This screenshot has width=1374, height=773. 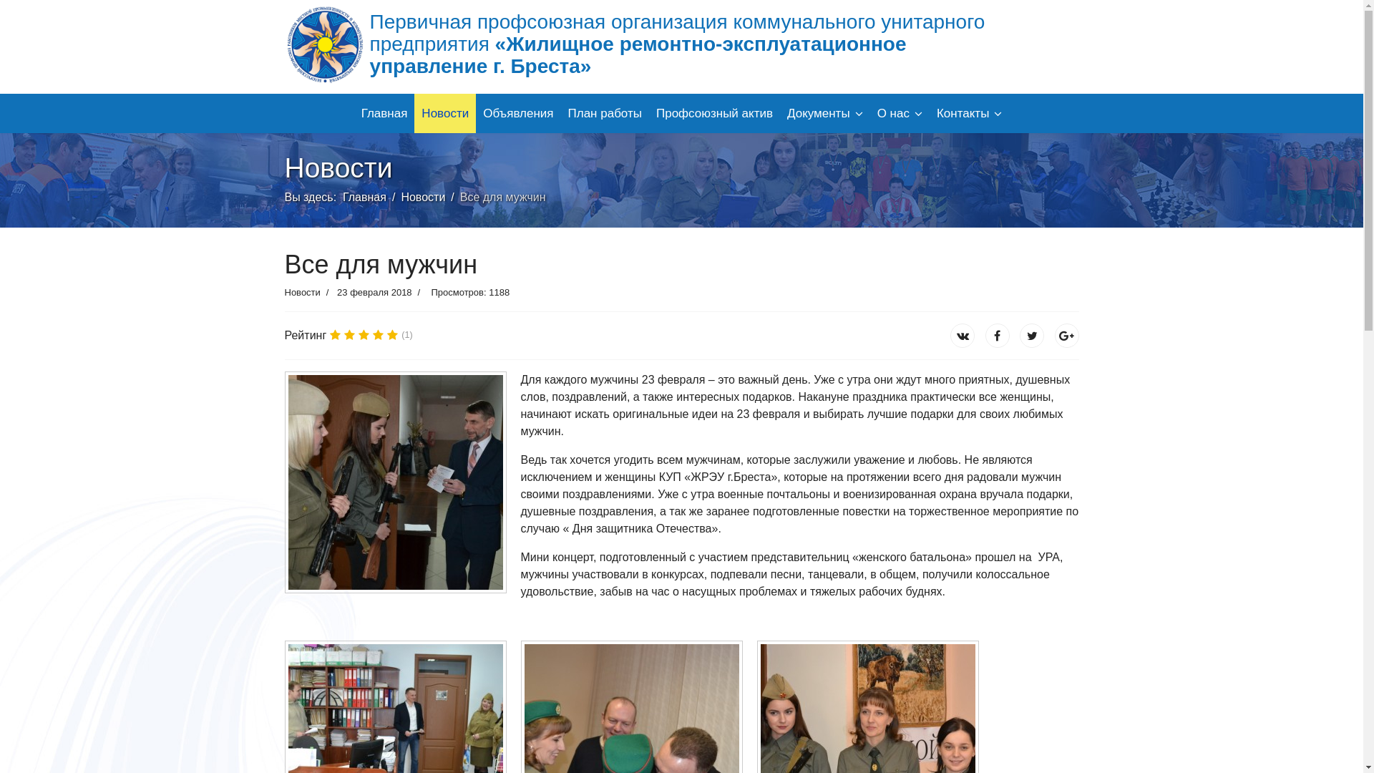 I want to click on 'Twitter', so click(x=1031, y=336).